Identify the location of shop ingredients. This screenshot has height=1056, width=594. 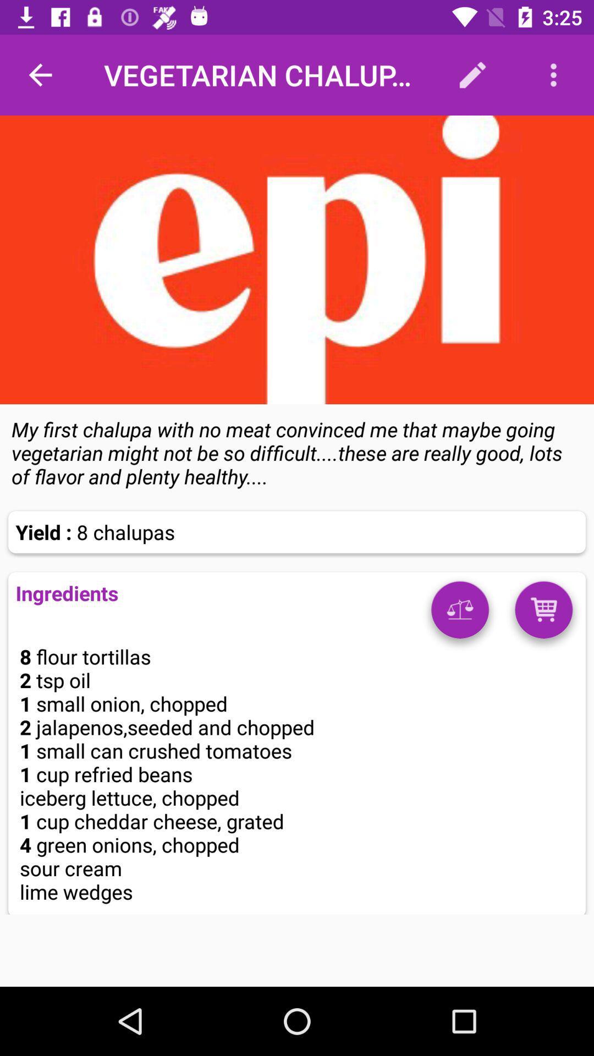
(543, 613).